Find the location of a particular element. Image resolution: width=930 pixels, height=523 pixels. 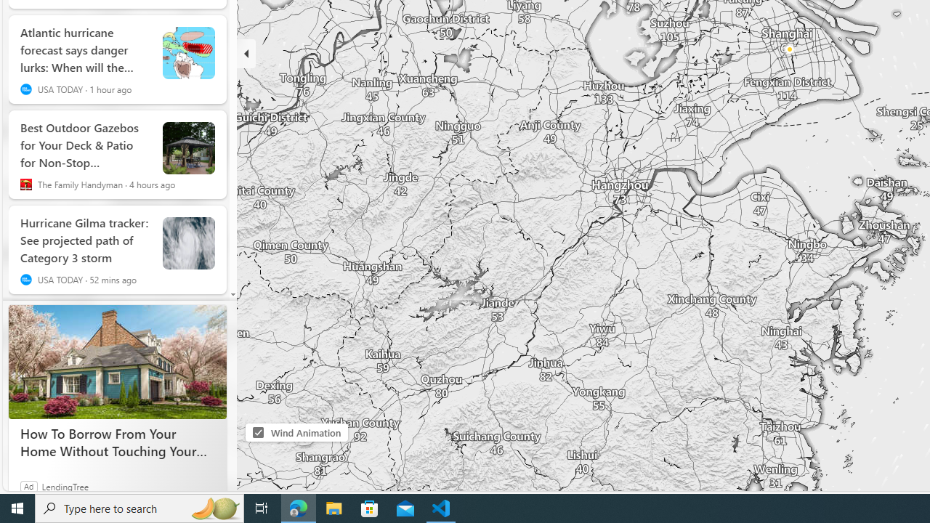

'LendingTree' is located at coordinates (65, 486).